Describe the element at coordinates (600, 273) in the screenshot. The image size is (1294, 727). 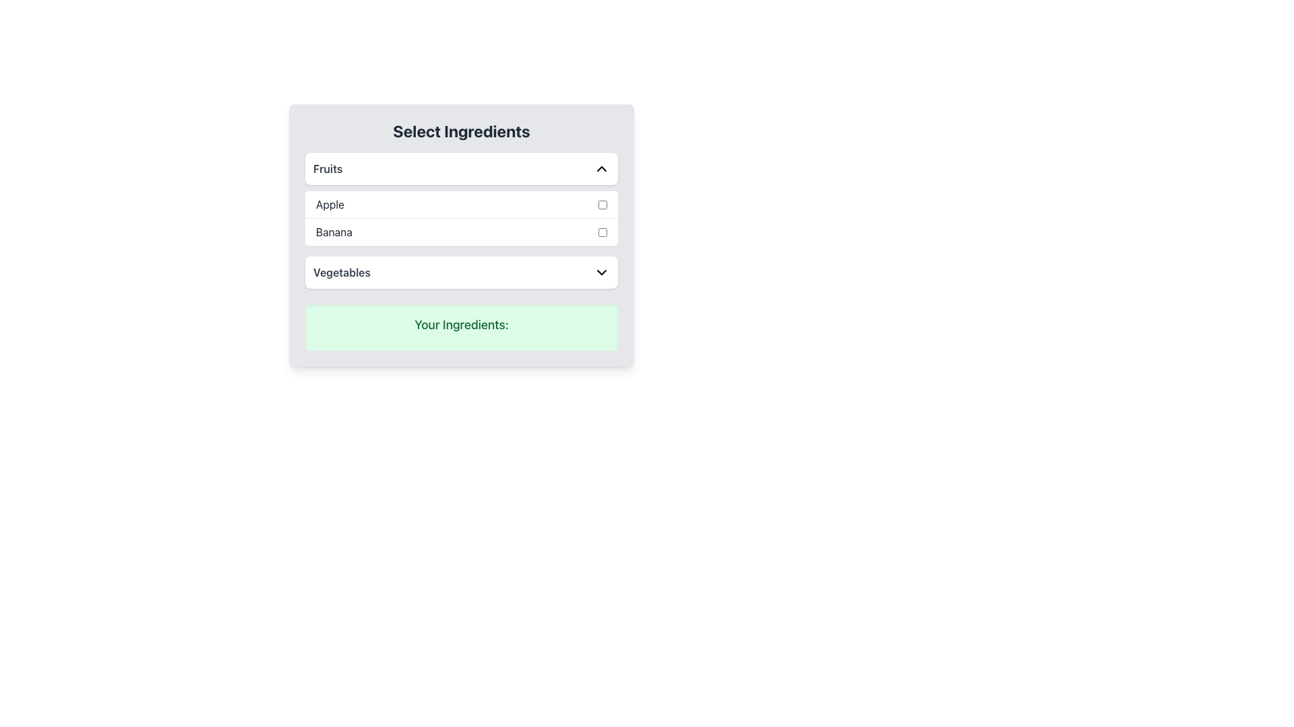
I see `the Chevron dropdown indicator icon next to the 'Vegetables' text` at that location.